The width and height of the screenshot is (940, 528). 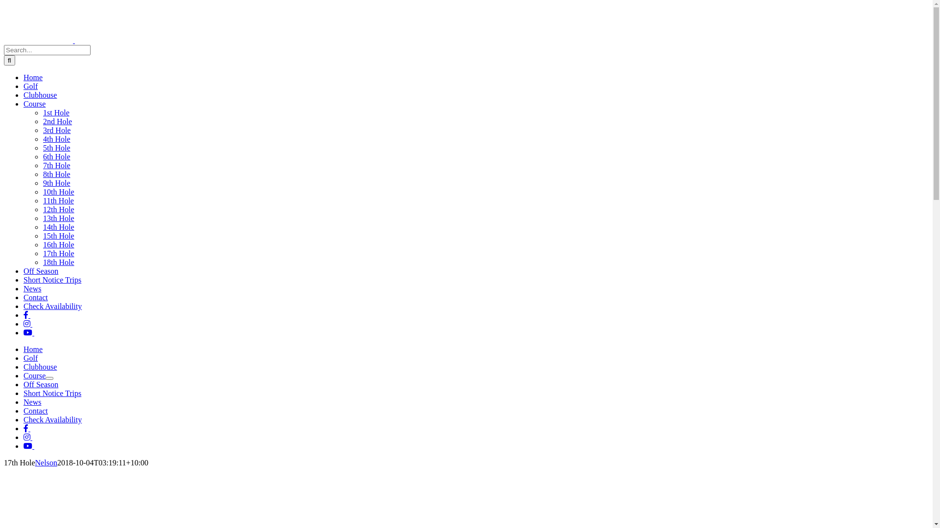 What do you see at coordinates (35, 462) in the screenshot?
I see `'Nelson'` at bounding box center [35, 462].